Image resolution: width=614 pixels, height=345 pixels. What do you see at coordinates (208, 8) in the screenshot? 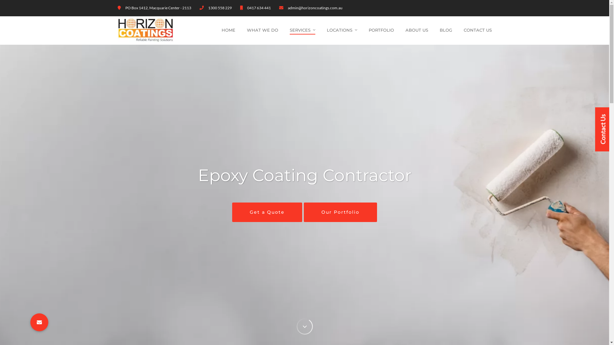
I see `'1300 558 229'` at bounding box center [208, 8].